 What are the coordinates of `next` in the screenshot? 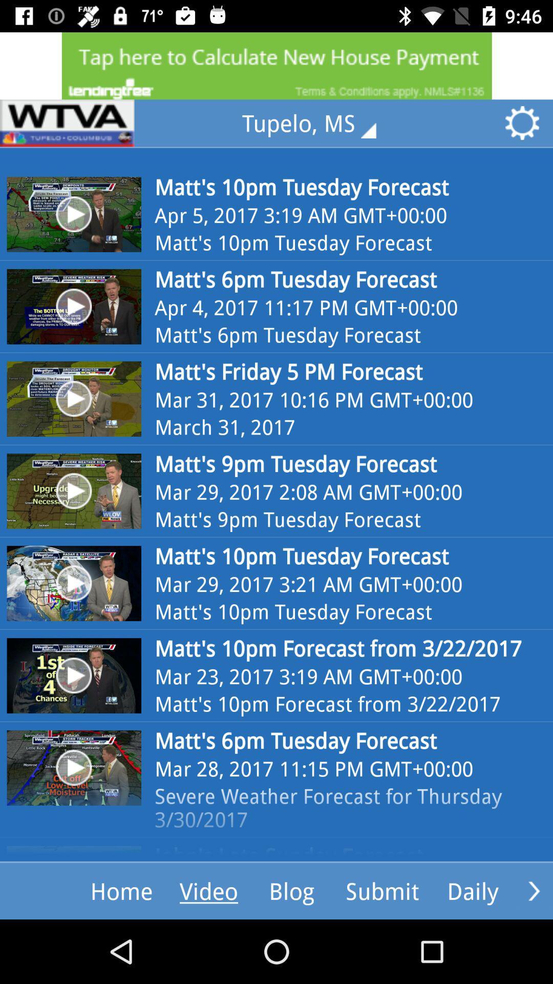 It's located at (534, 890).